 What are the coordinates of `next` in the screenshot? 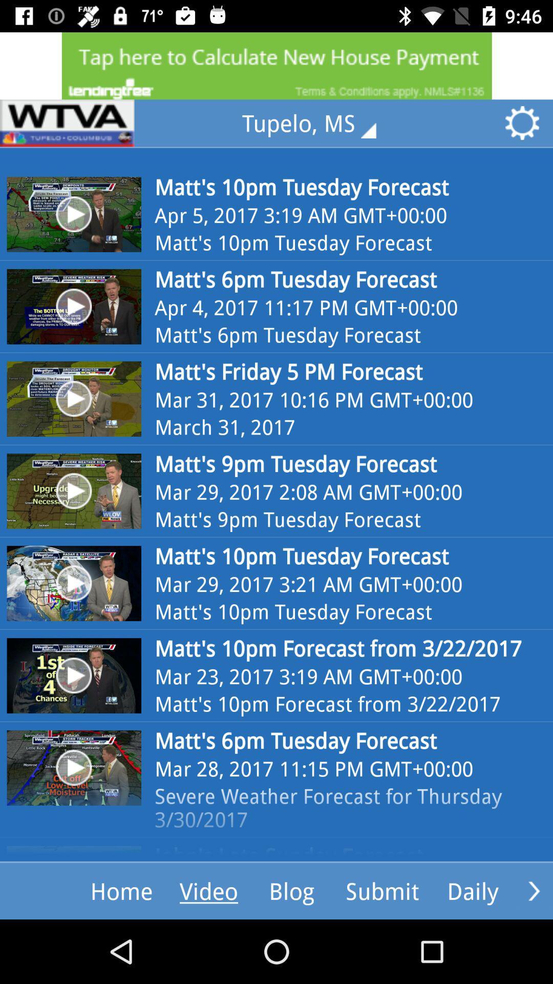 It's located at (534, 890).